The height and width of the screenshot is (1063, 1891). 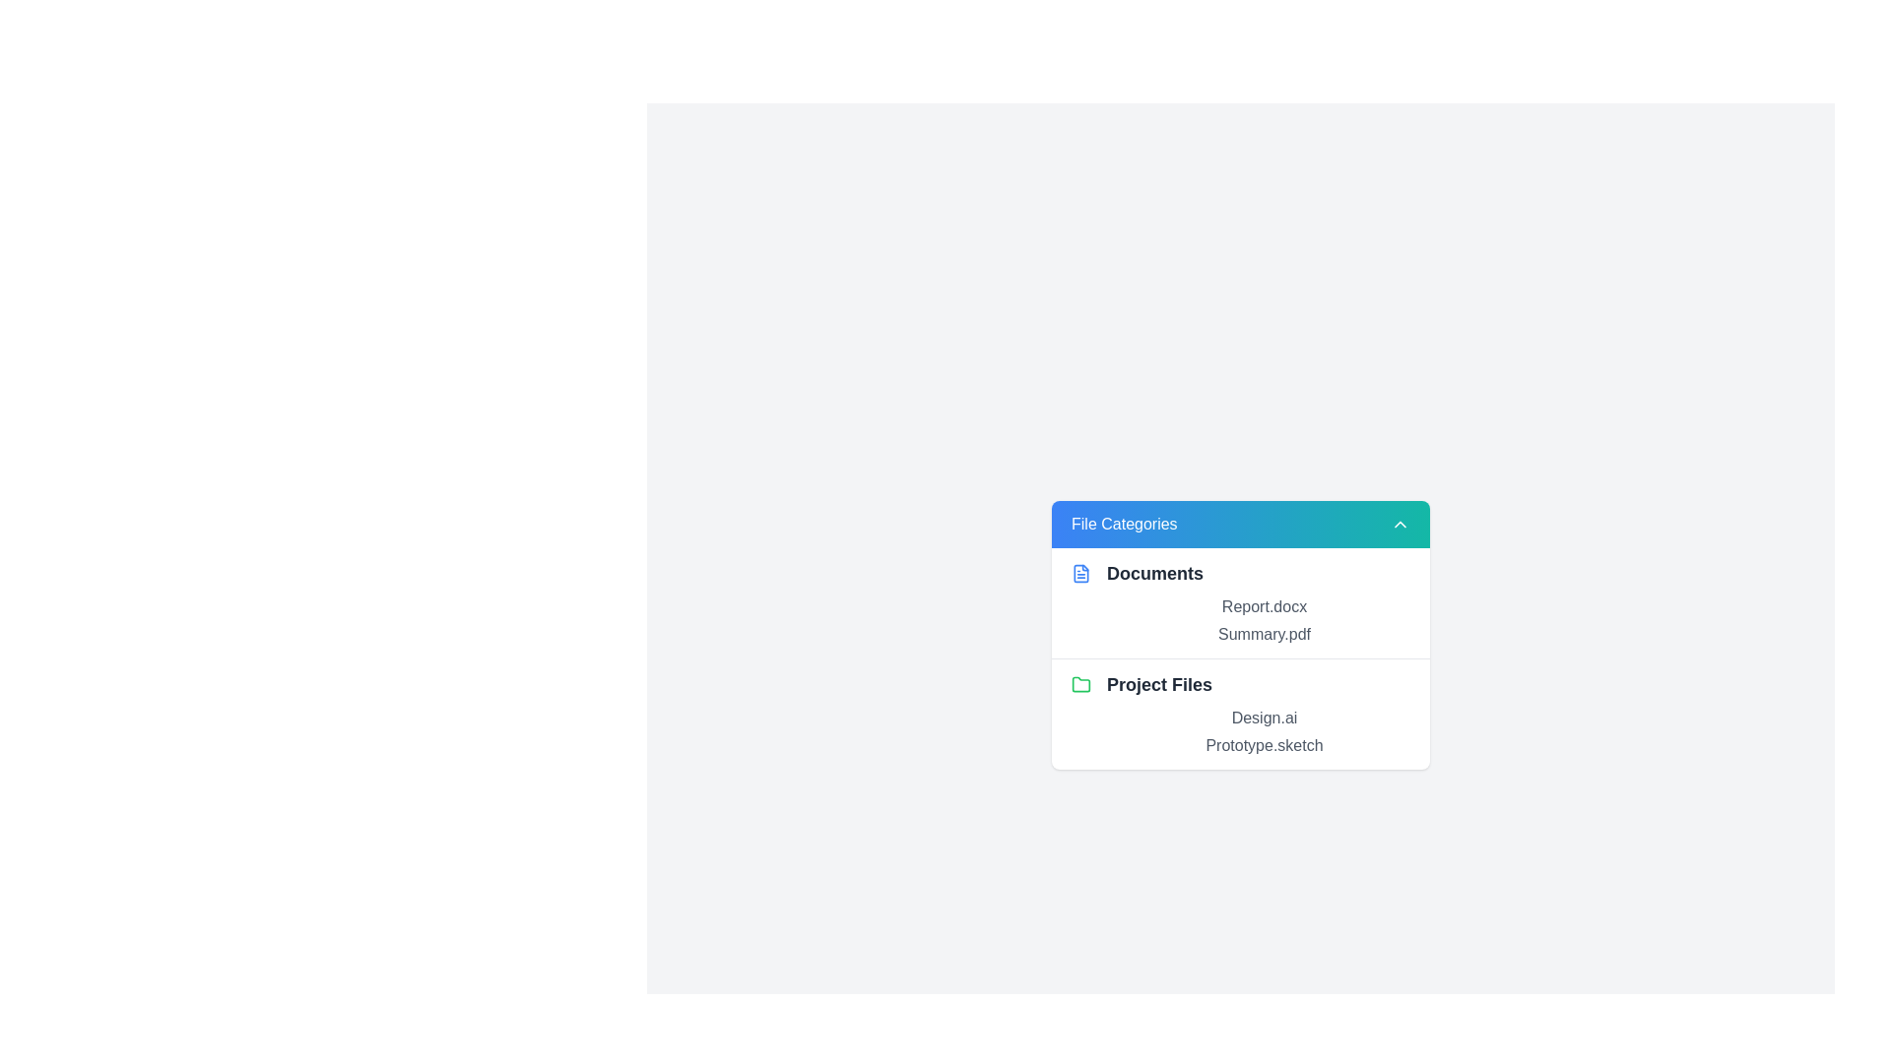 I want to click on green-outlined folder icon in the 'Project Files' section using developer tools, so click(x=1080, y=682).